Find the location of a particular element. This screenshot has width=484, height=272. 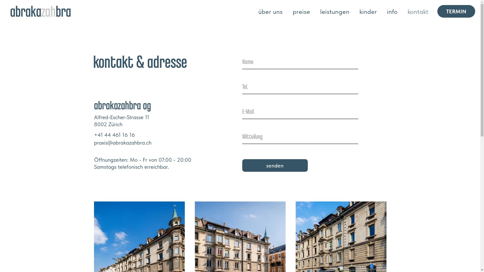

'leistungen' is located at coordinates (335, 11).